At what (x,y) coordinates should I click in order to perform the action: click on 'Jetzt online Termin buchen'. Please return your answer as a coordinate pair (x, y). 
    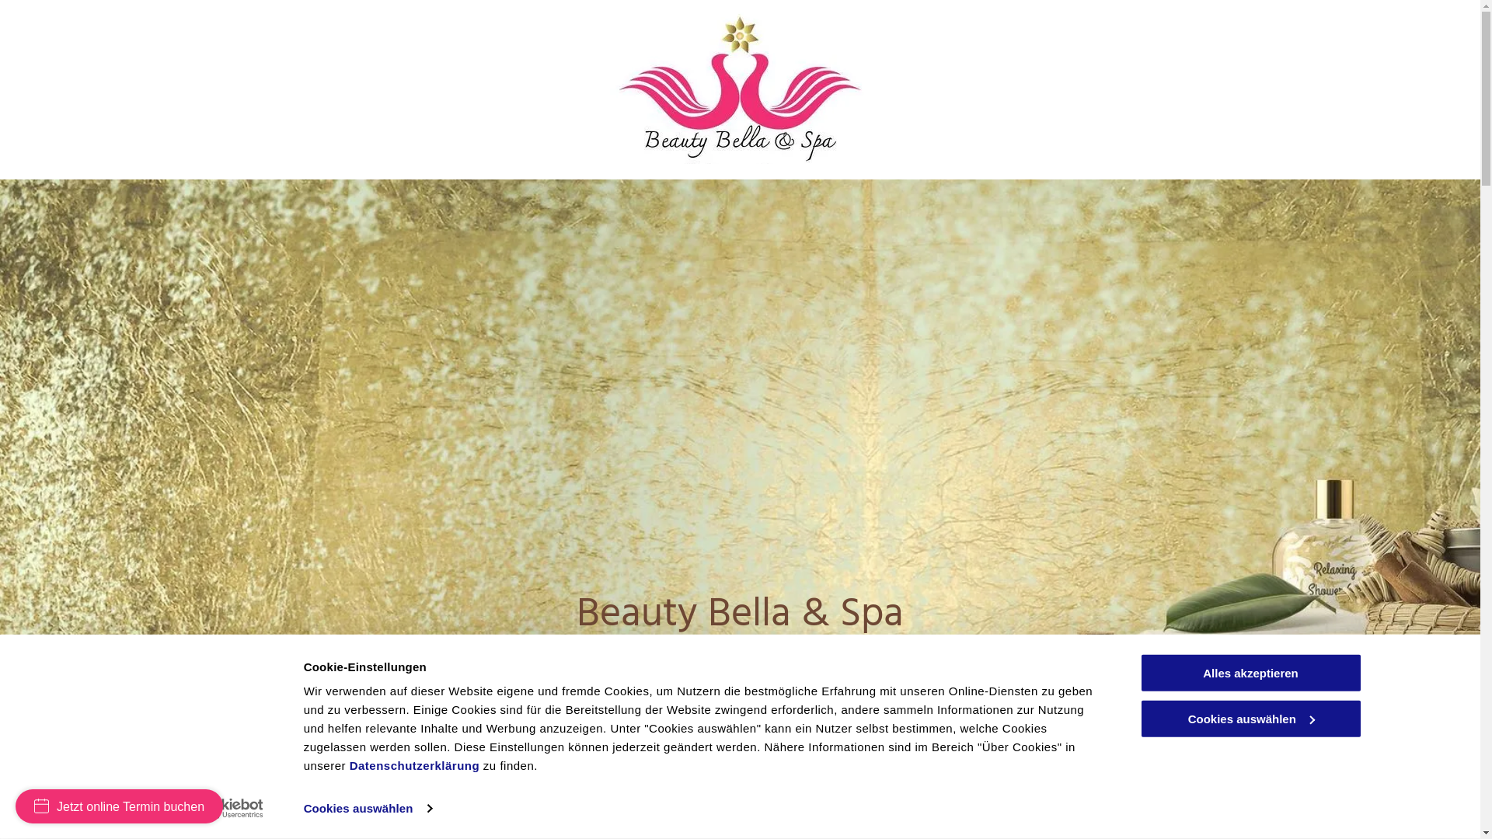
    Looking at the image, I should click on (118, 805).